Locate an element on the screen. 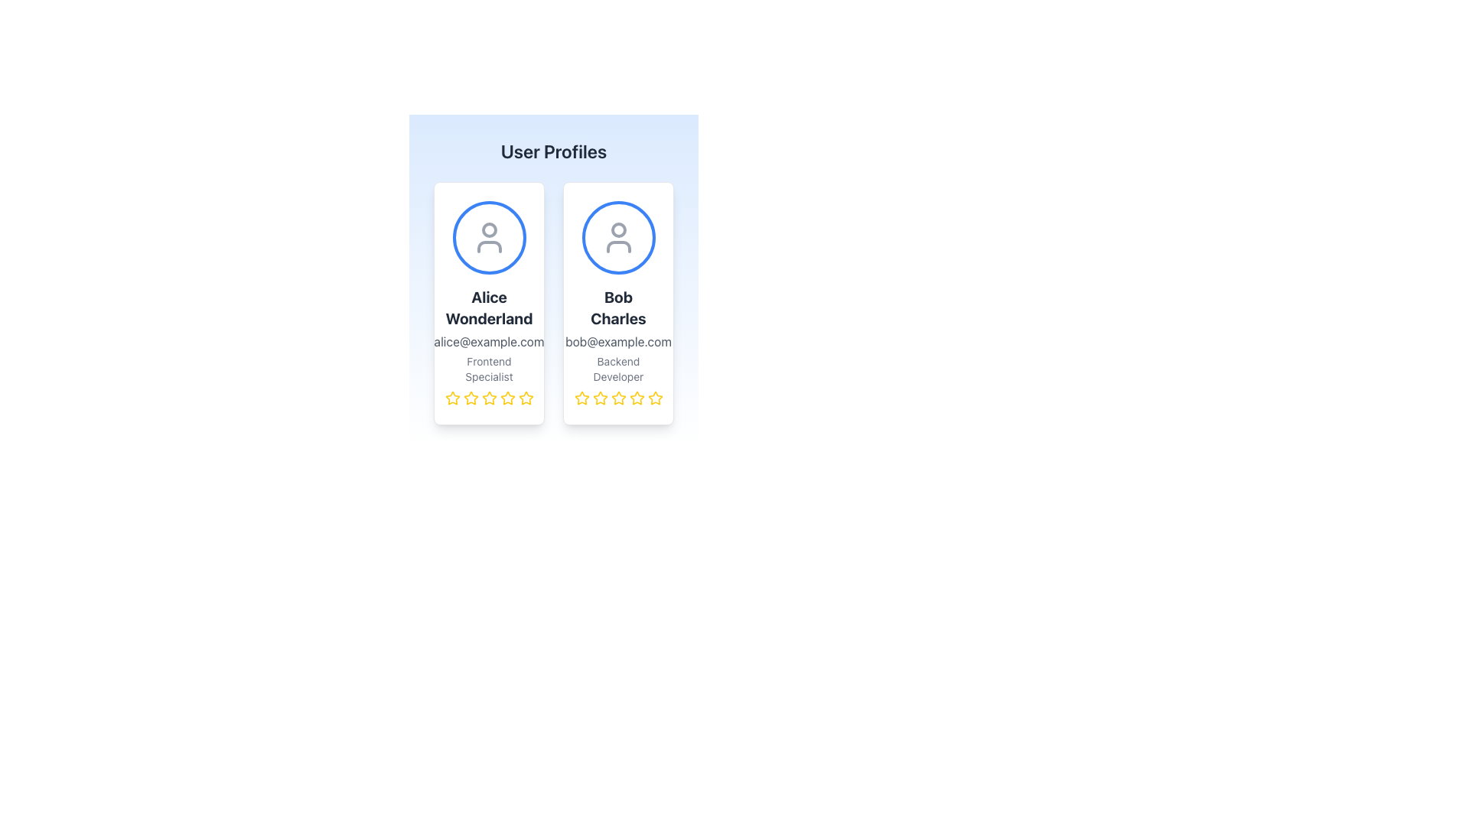 Image resolution: width=1469 pixels, height=826 pixels. the fourth star in the interactive rating system for 'Bob Charles' to provide a rating is located at coordinates (637, 397).